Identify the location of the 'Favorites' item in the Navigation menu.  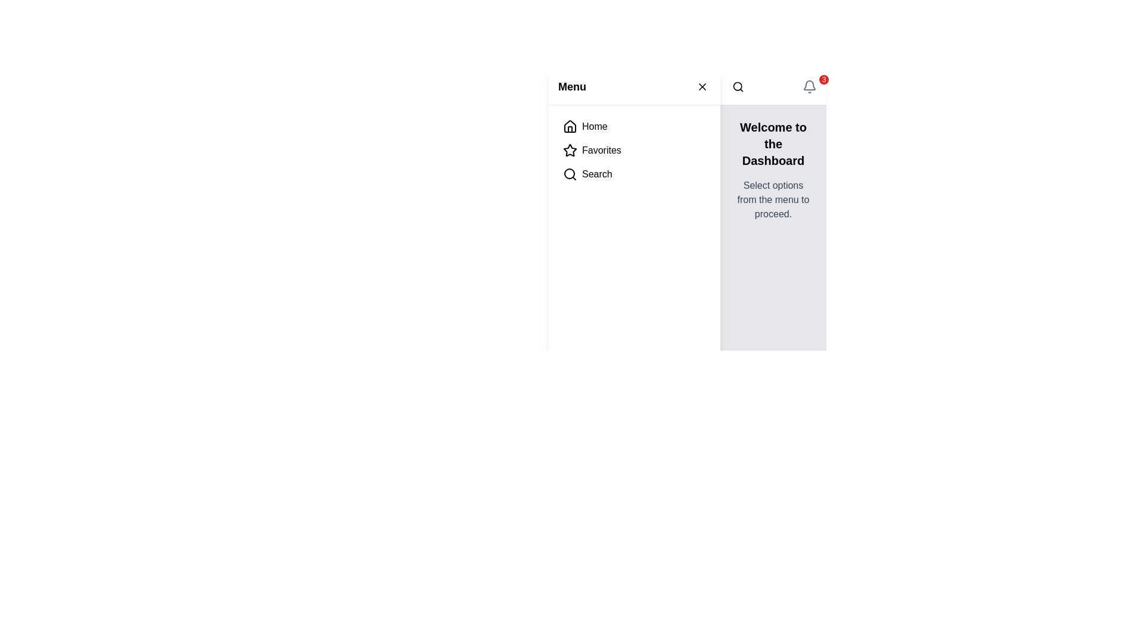
(634, 150).